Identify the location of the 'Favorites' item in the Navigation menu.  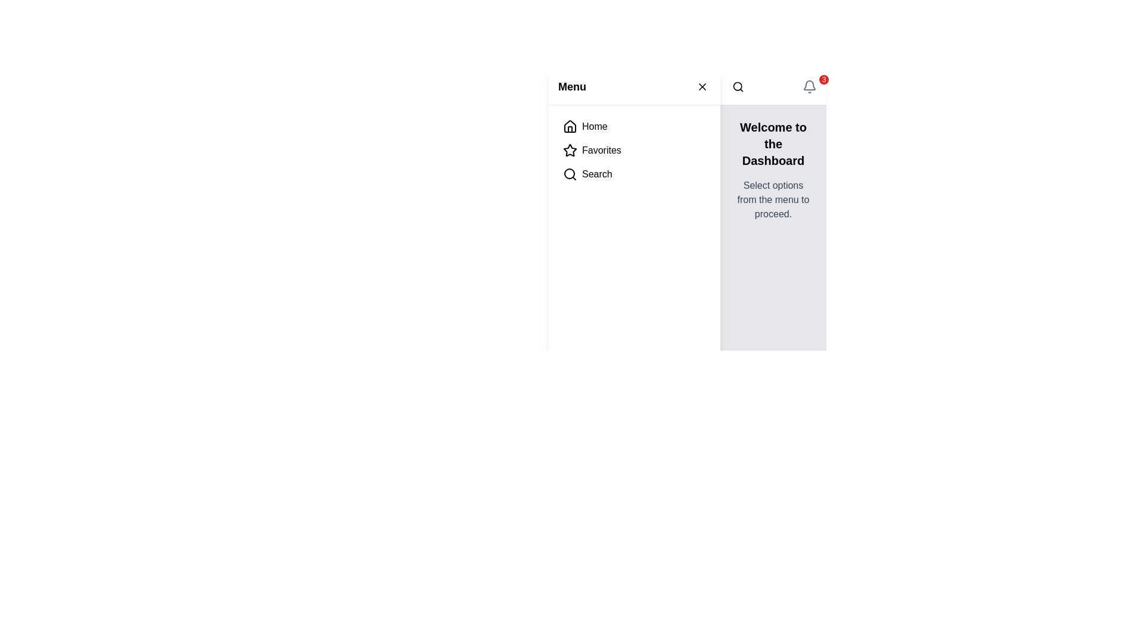
(634, 150).